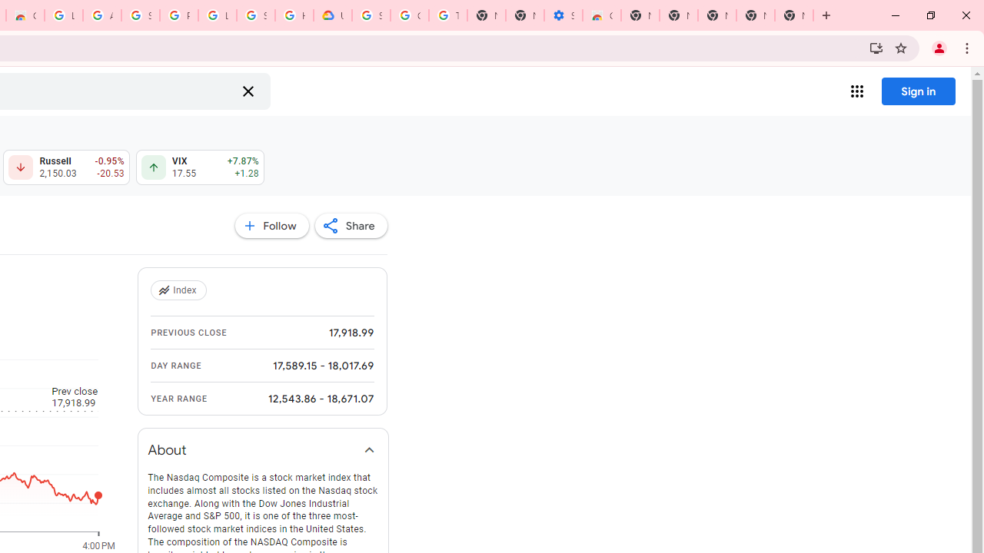 The height and width of the screenshot is (553, 984). What do you see at coordinates (410, 15) in the screenshot?
I see `'Google Account Help'` at bounding box center [410, 15].